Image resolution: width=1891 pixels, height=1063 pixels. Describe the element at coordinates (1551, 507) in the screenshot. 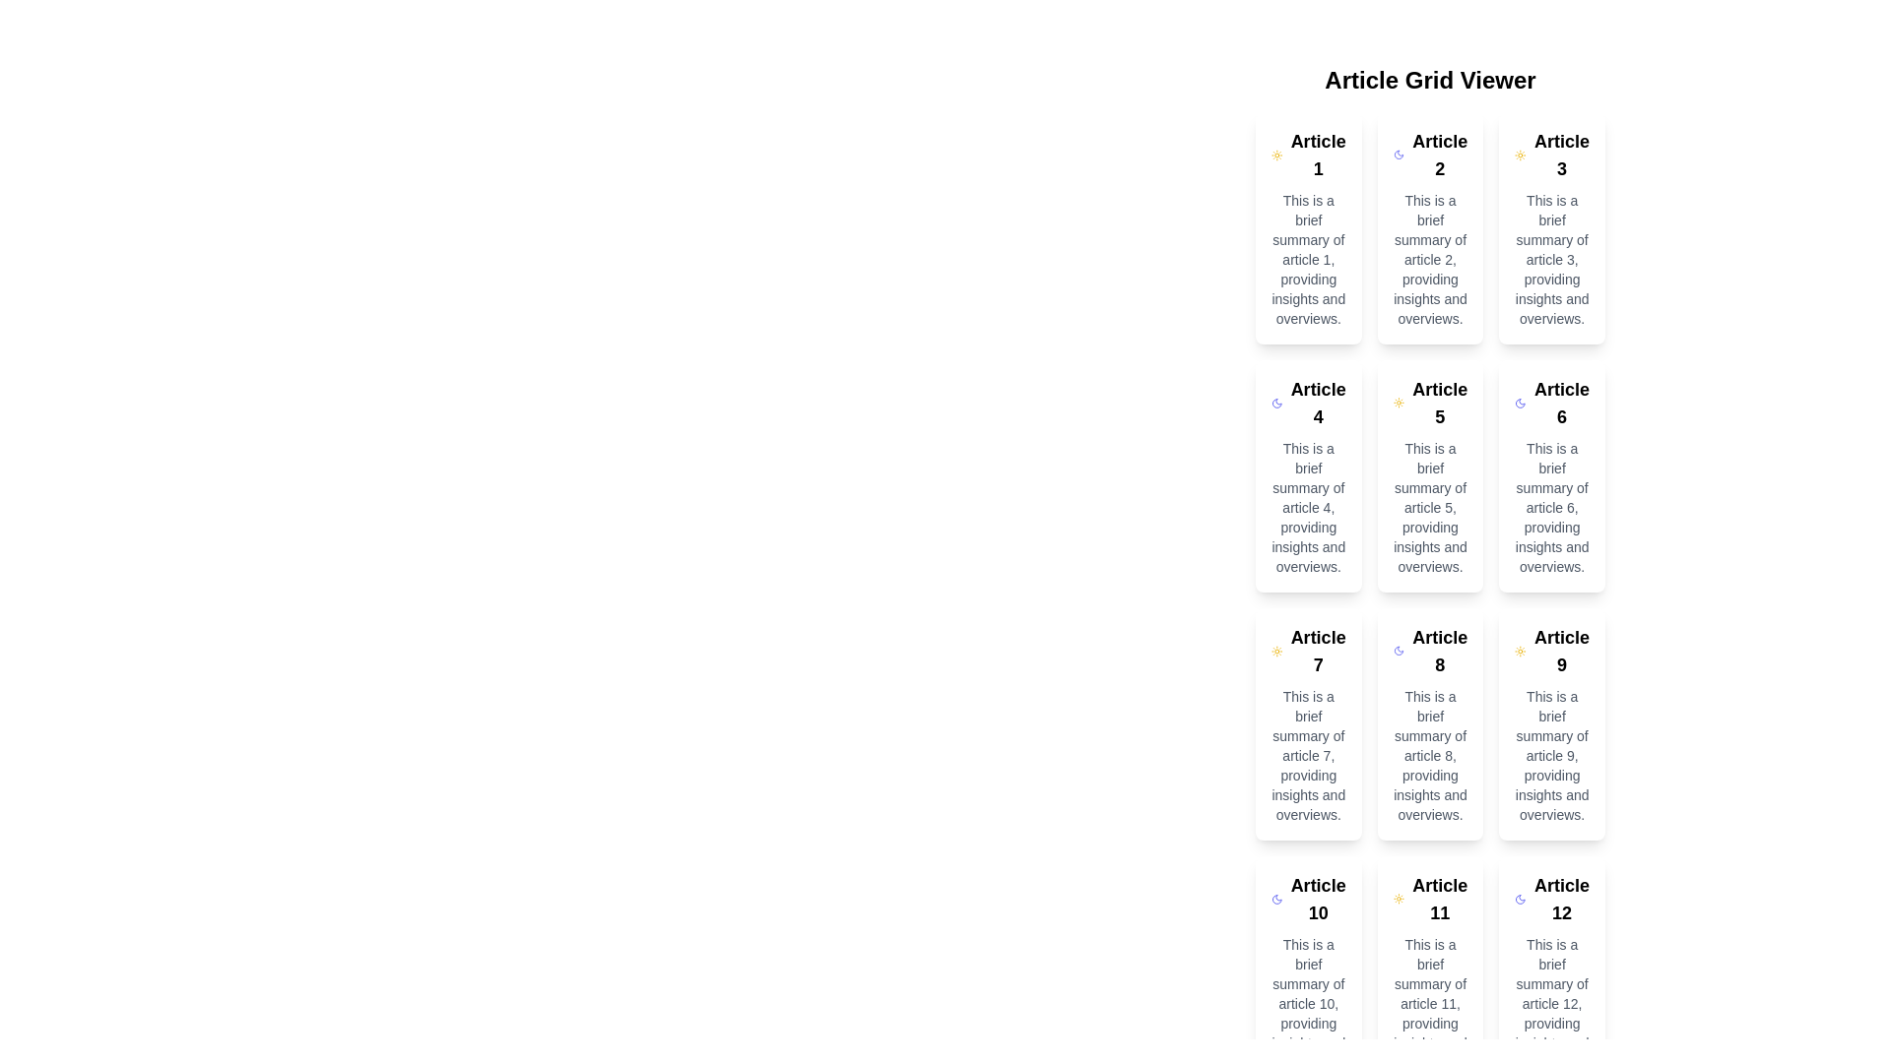

I see `the text block displaying 'This is a brief summary of article 6, providing insights and overviews.' which is styled with gray color and contained within a white, shadowed card in the article grid` at that location.